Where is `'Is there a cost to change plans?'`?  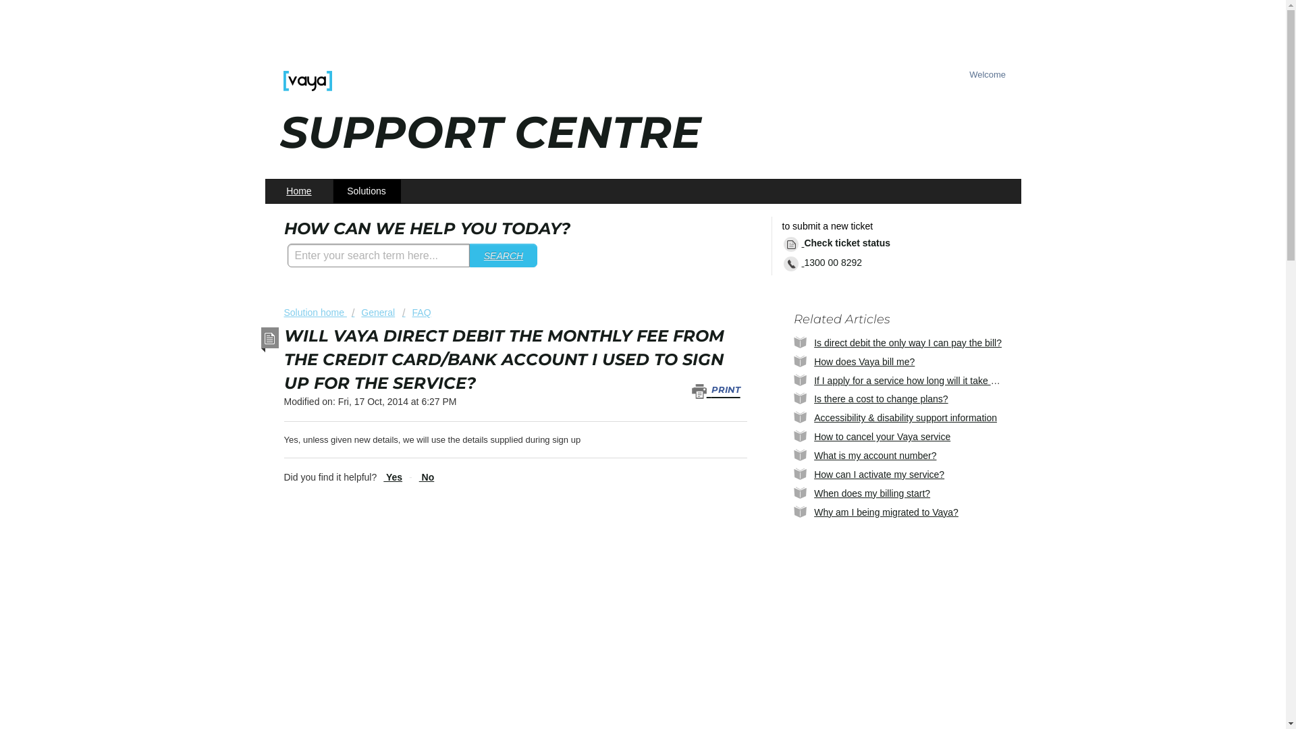 'Is there a cost to change plans?' is located at coordinates (881, 398).